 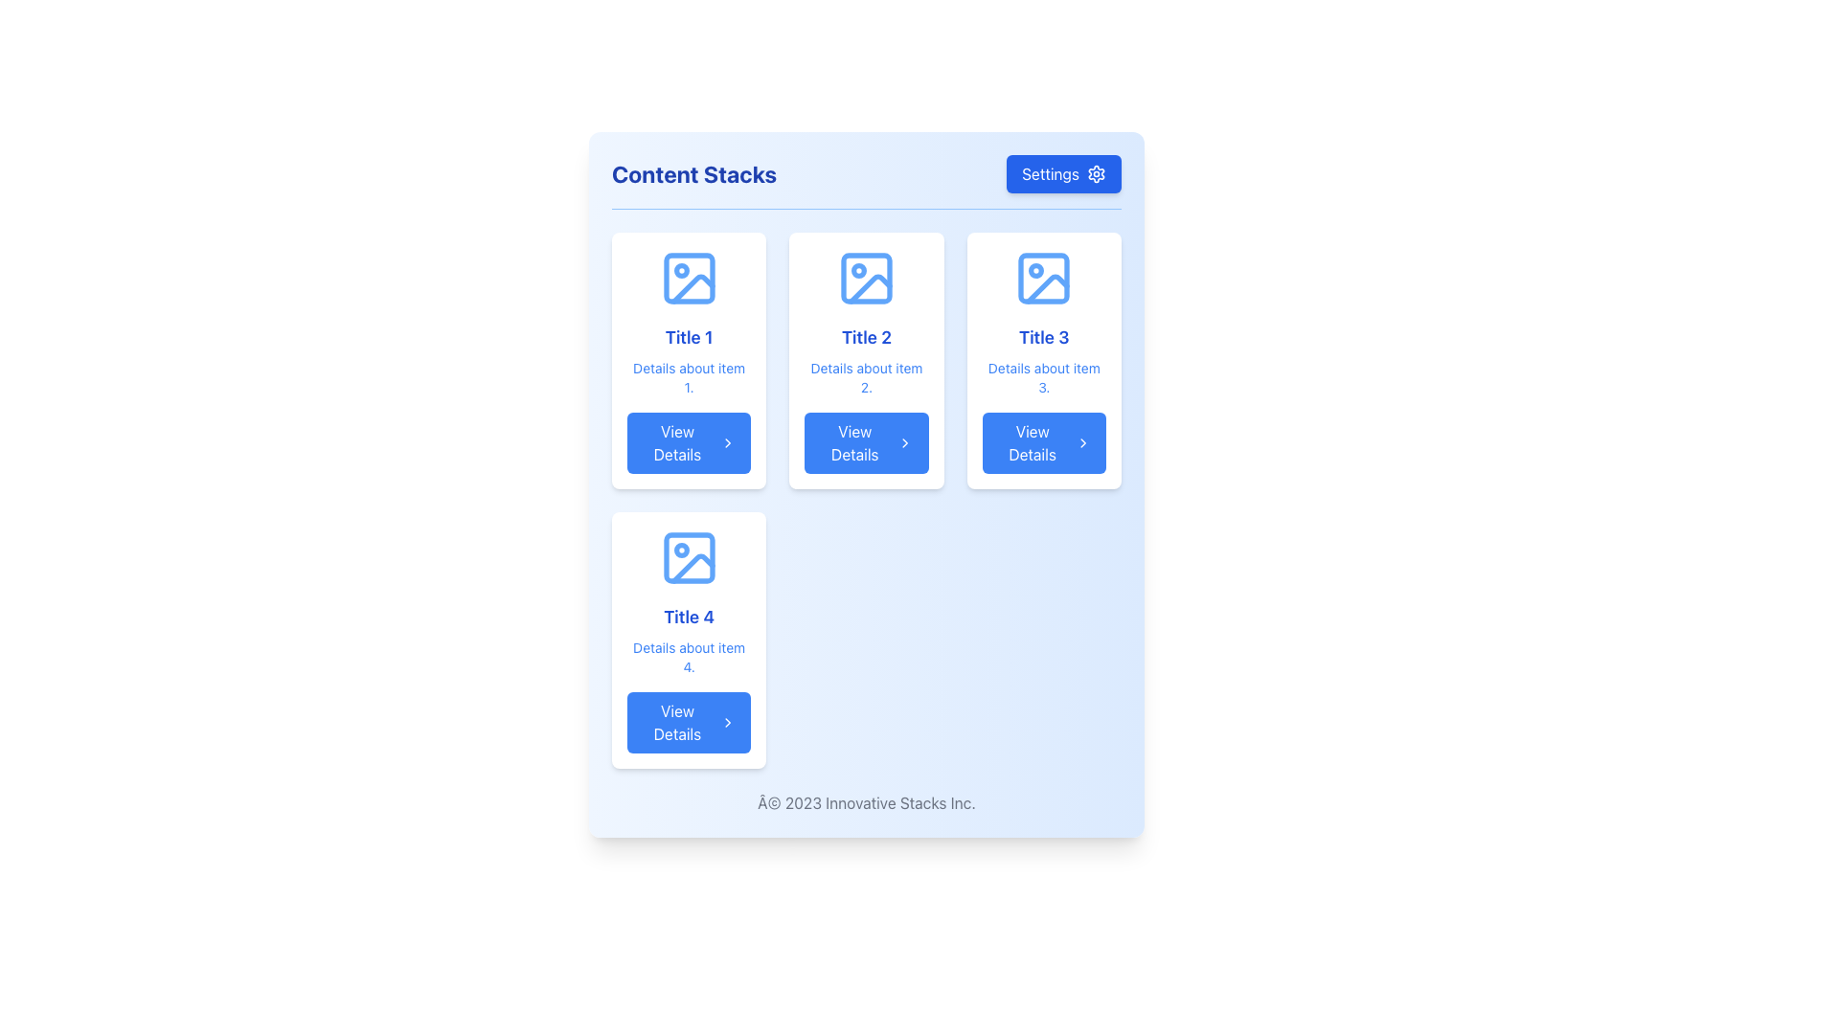 What do you see at coordinates (689, 377) in the screenshot?
I see `the descriptive text label that reads 'Details about item 1.' which is located near the center of the first card in the grid layout, positioned directly below 'Title 1' and above the 'View Details' button` at bounding box center [689, 377].